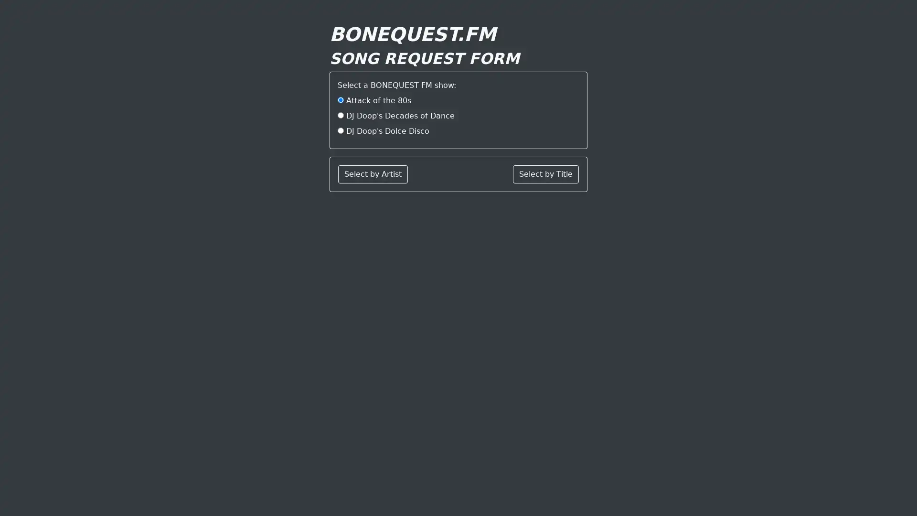 Image resolution: width=917 pixels, height=516 pixels. Describe the element at coordinates (373, 174) in the screenshot. I see `Select by Artist` at that location.